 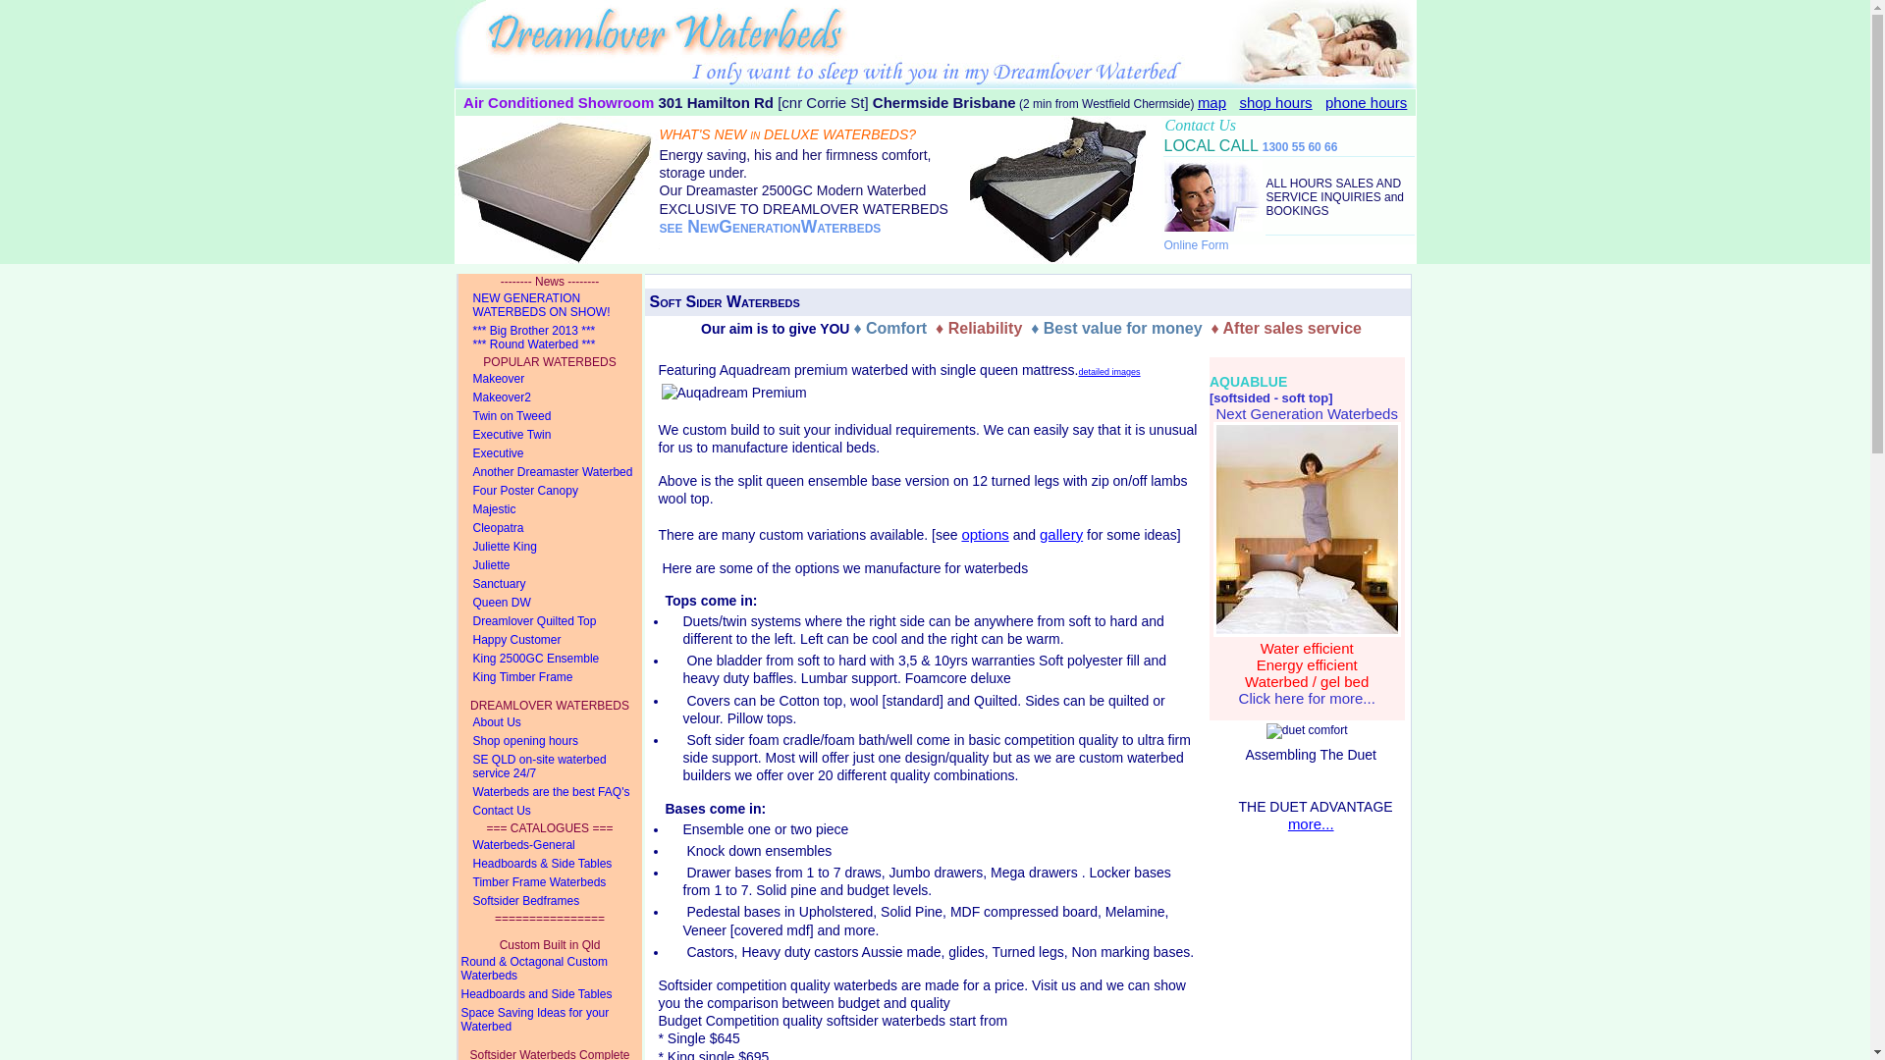 I want to click on 'Juliette', so click(x=549, y=565).